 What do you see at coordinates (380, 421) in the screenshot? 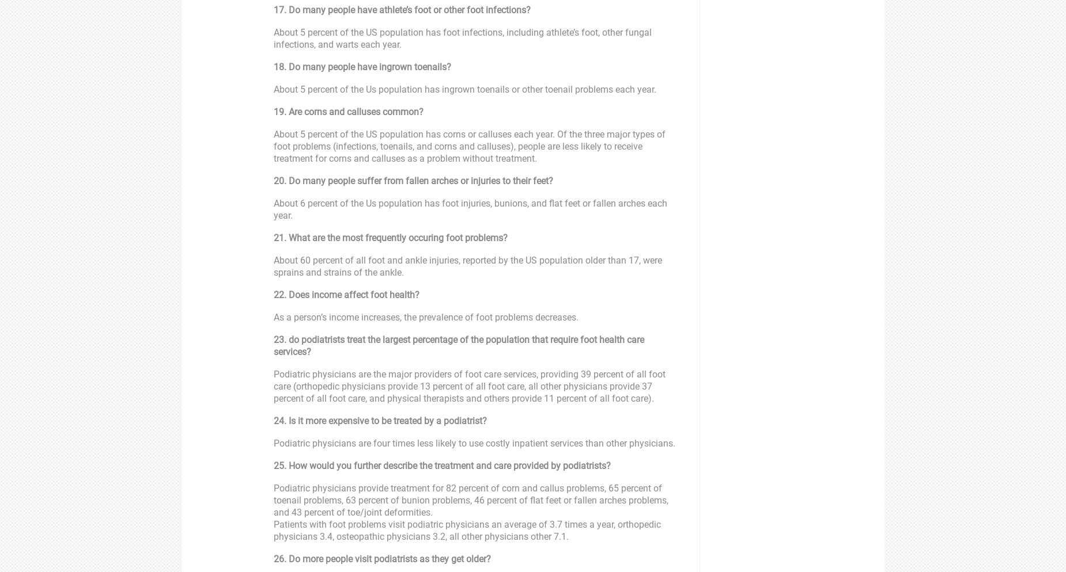
I see `'24. Is it more expensive to be treated by a podiatrist?'` at bounding box center [380, 421].